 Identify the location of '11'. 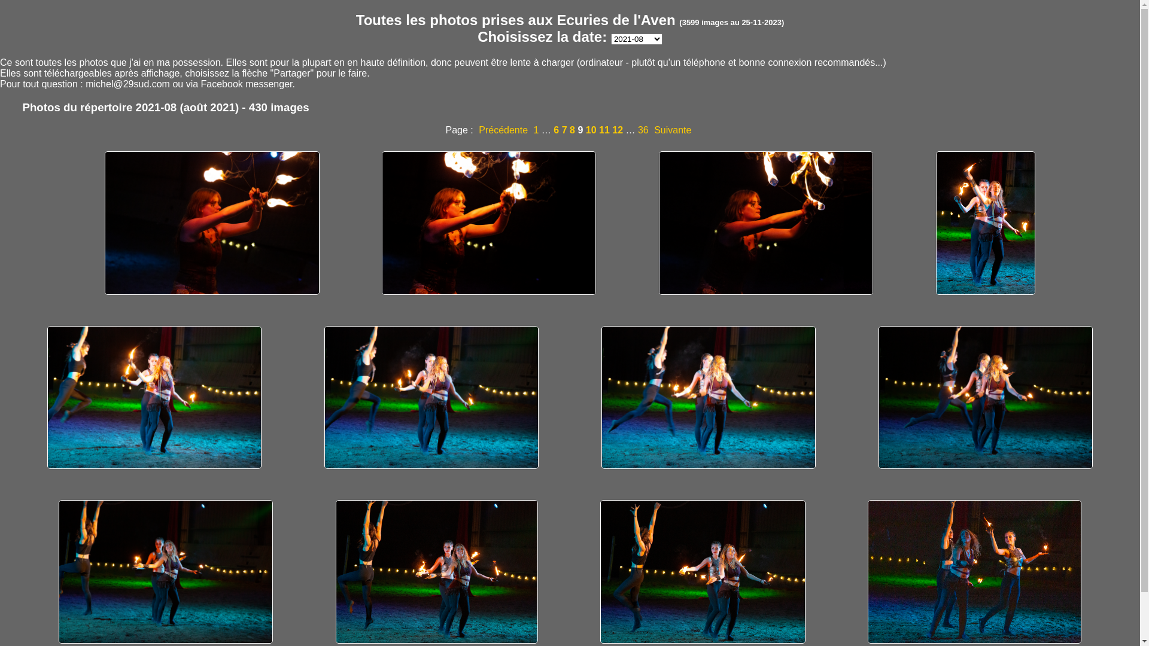
(604, 130).